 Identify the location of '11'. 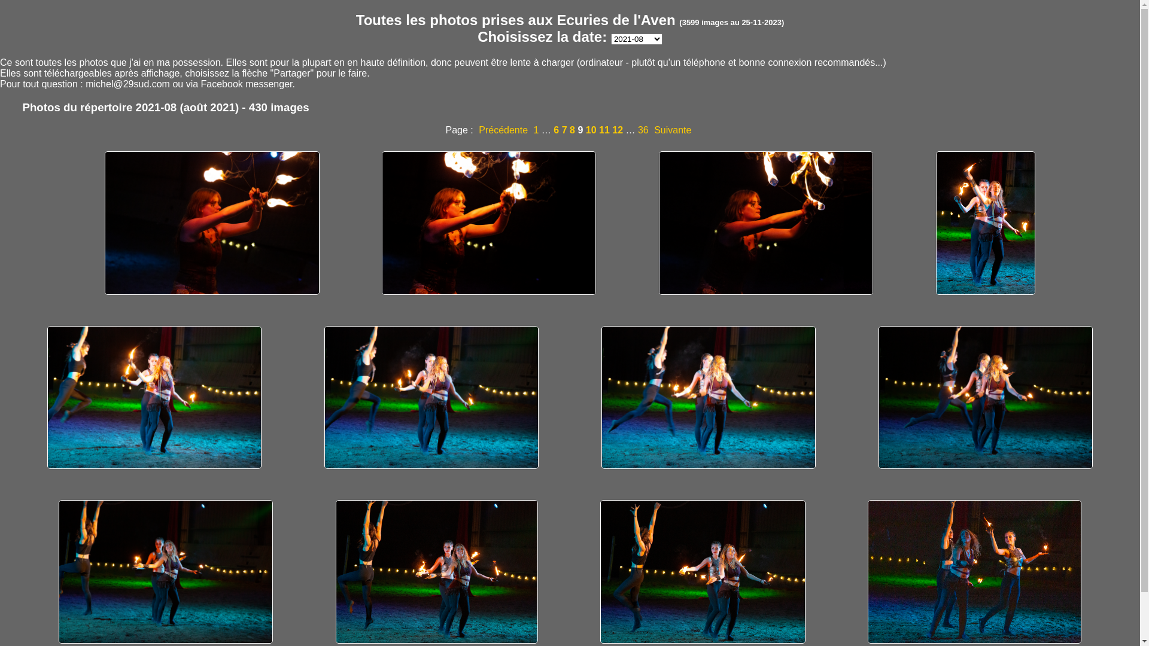
(604, 130).